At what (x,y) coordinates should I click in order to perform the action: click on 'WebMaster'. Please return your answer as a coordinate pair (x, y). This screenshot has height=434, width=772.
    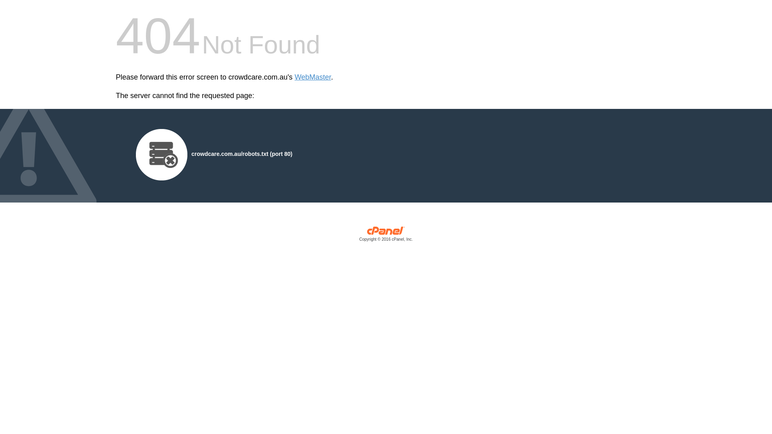
    Looking at the image, I should click on (312, 77).